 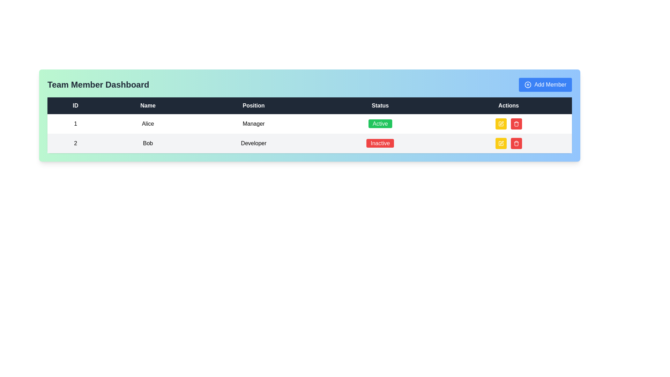 I want to click on the yellow button with a pen icon in the button group for editing, located in the 'Actions' column of the topmost row corresponding to the user 'Alice' with the position 'Manager', so click(x=508, y=123).